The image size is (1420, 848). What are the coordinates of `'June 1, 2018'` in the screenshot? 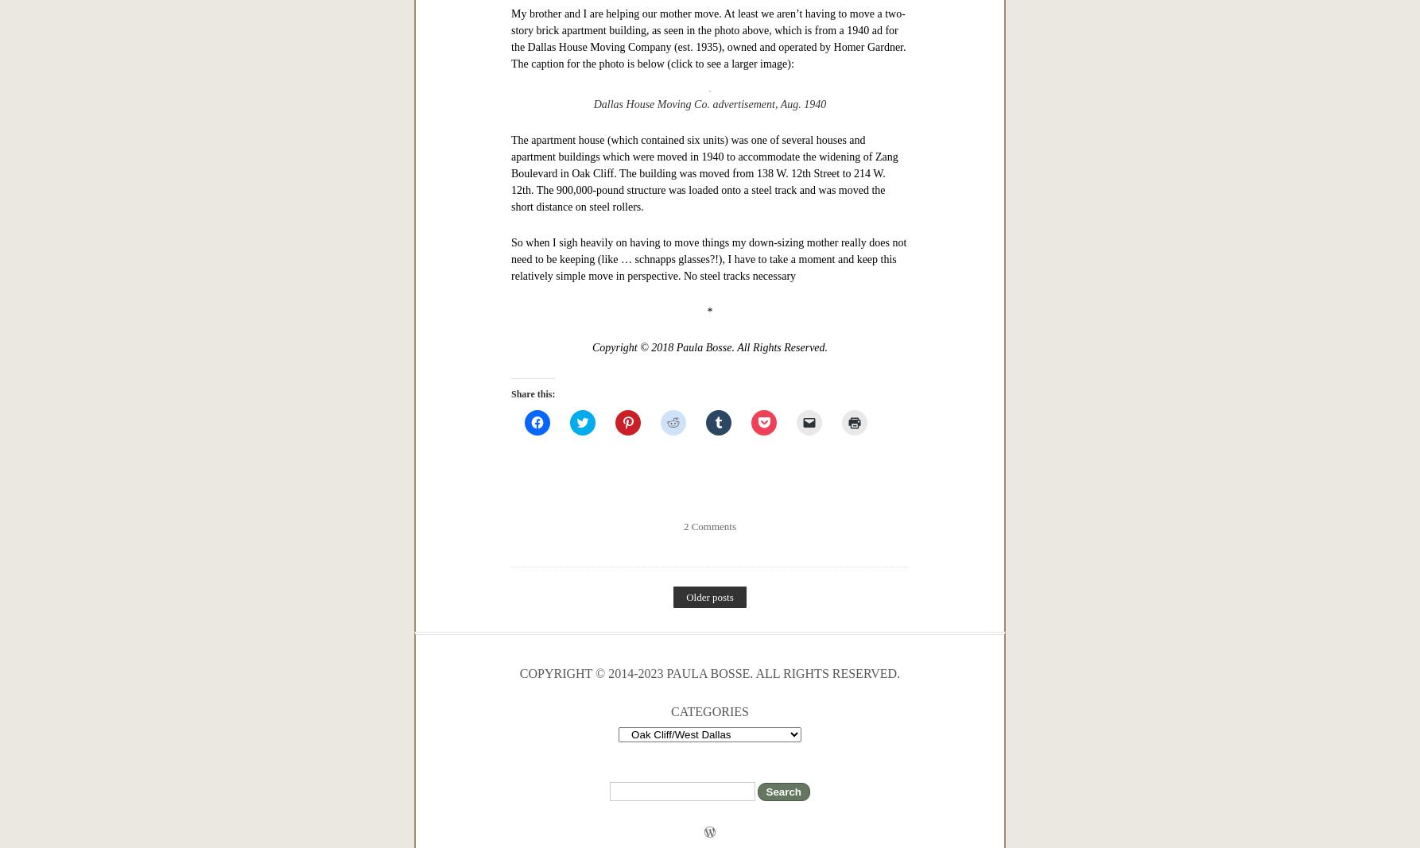 It's located at (681, 343).